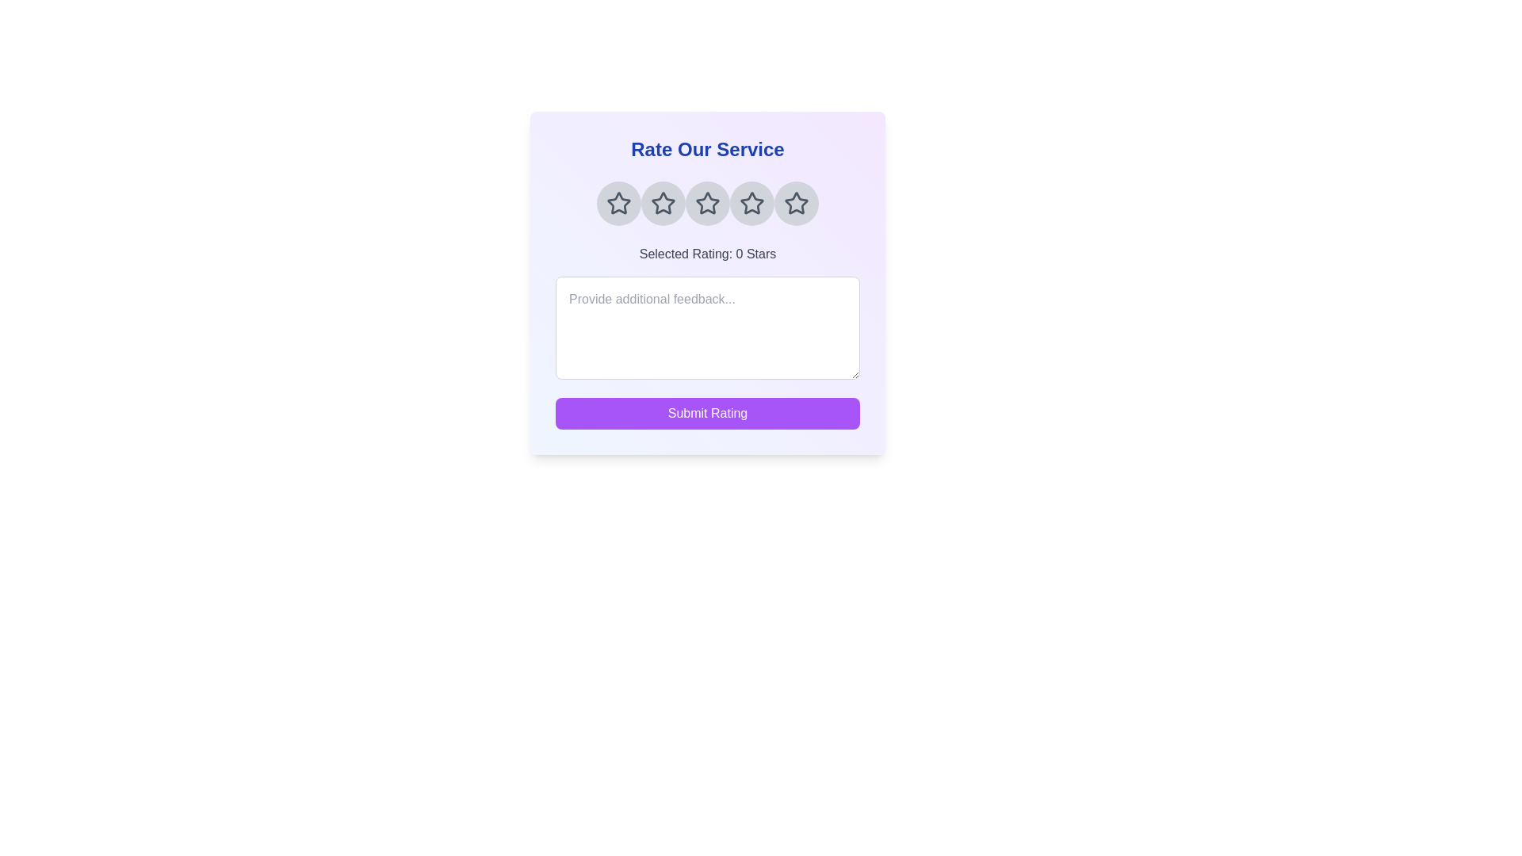 The width and height of the screenshot is (1522, 856). Describe the element at coordinates (706, 203) in the screenshot. I see `the star corresponding to 3 to preview the rating` at that location.